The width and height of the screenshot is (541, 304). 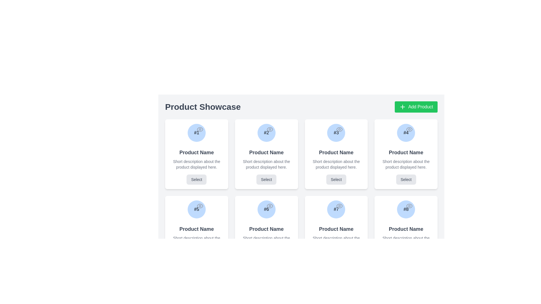 What do you see at coordinates (269, 129) in the screenshot?
I see `the SVG eye icon located in the top-right corner of the blue circular area labeled '#2' in the second card of the product showcase grid` at bounding box center [269, 129].